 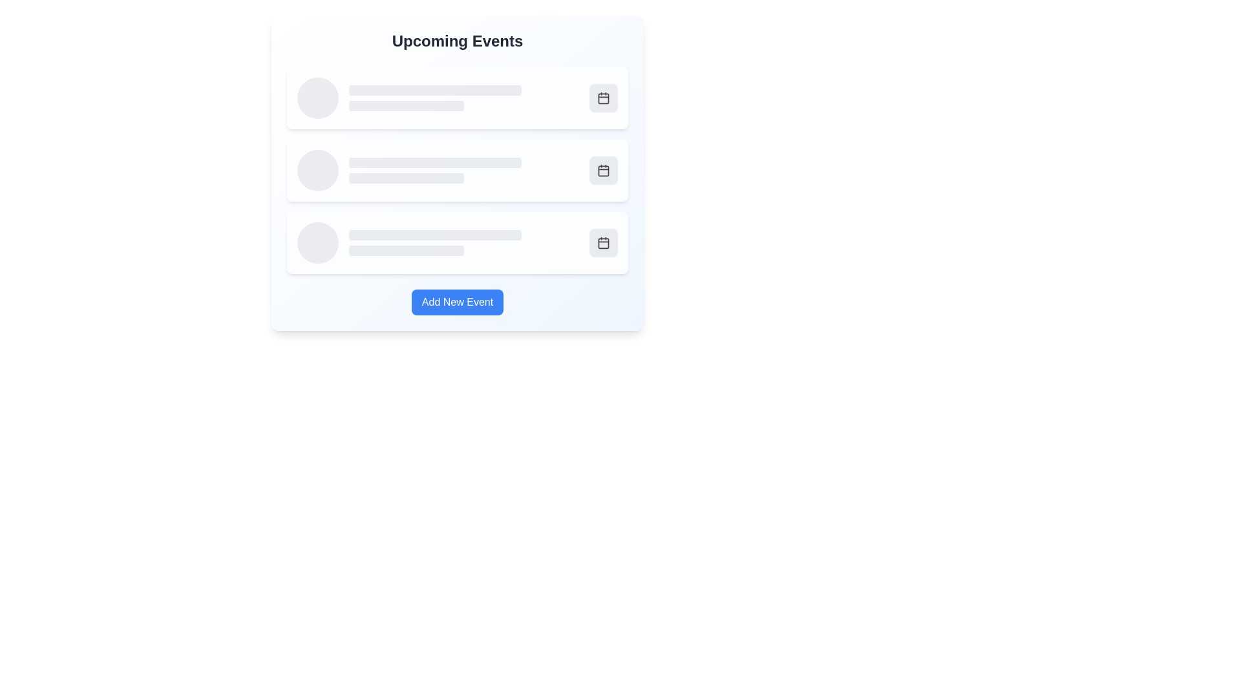 What do you see at coordinates (603, 97) in the screenshot?
I see `the first calendar icon located in the top-right corner of the first event item's box in the Upcoming Events section` at bounding box center [603, 97].